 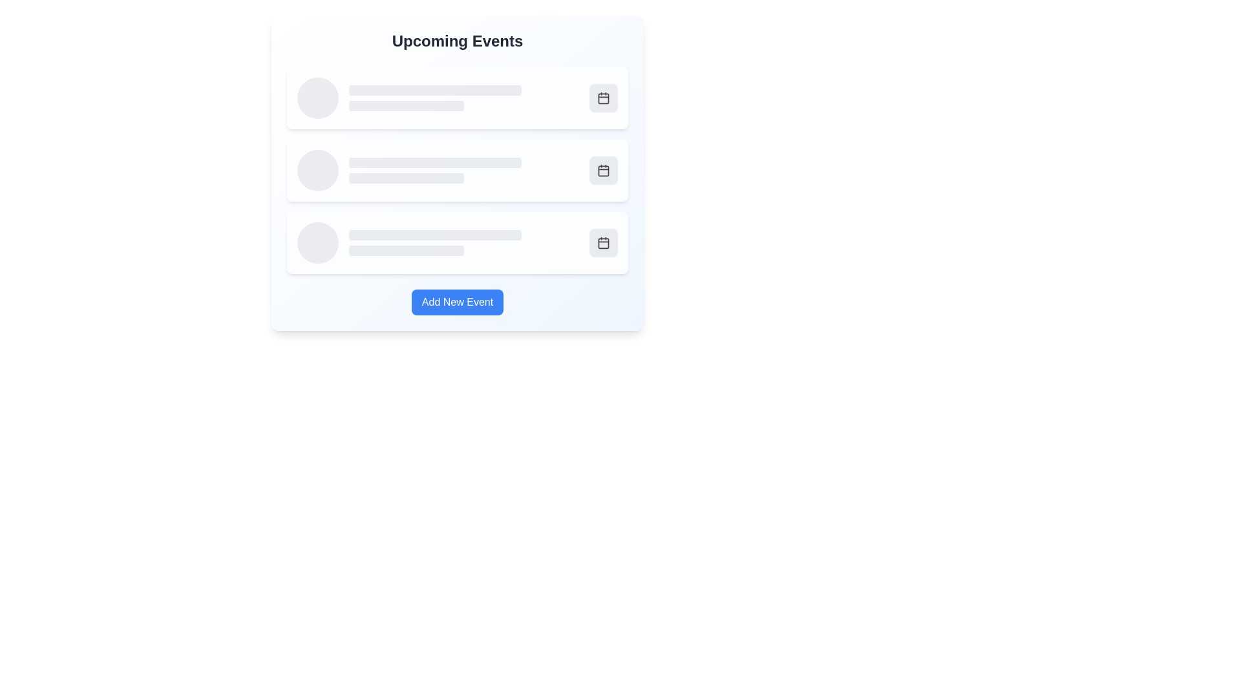 What do you see at coordinates (603, 97) in the screenshot?
I see `the first calendar icon located in the top-right corner of the first event item's box in the Upcoming Events section` at bounding box center [603, 97].